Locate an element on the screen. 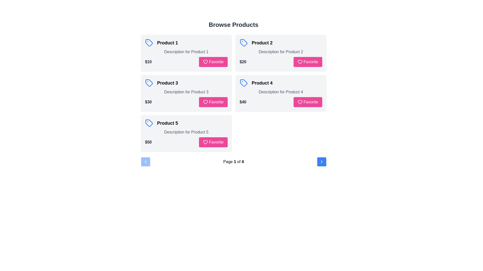  the tag icon representing the label for 'Product 5' is located at coordinates (149, 123).